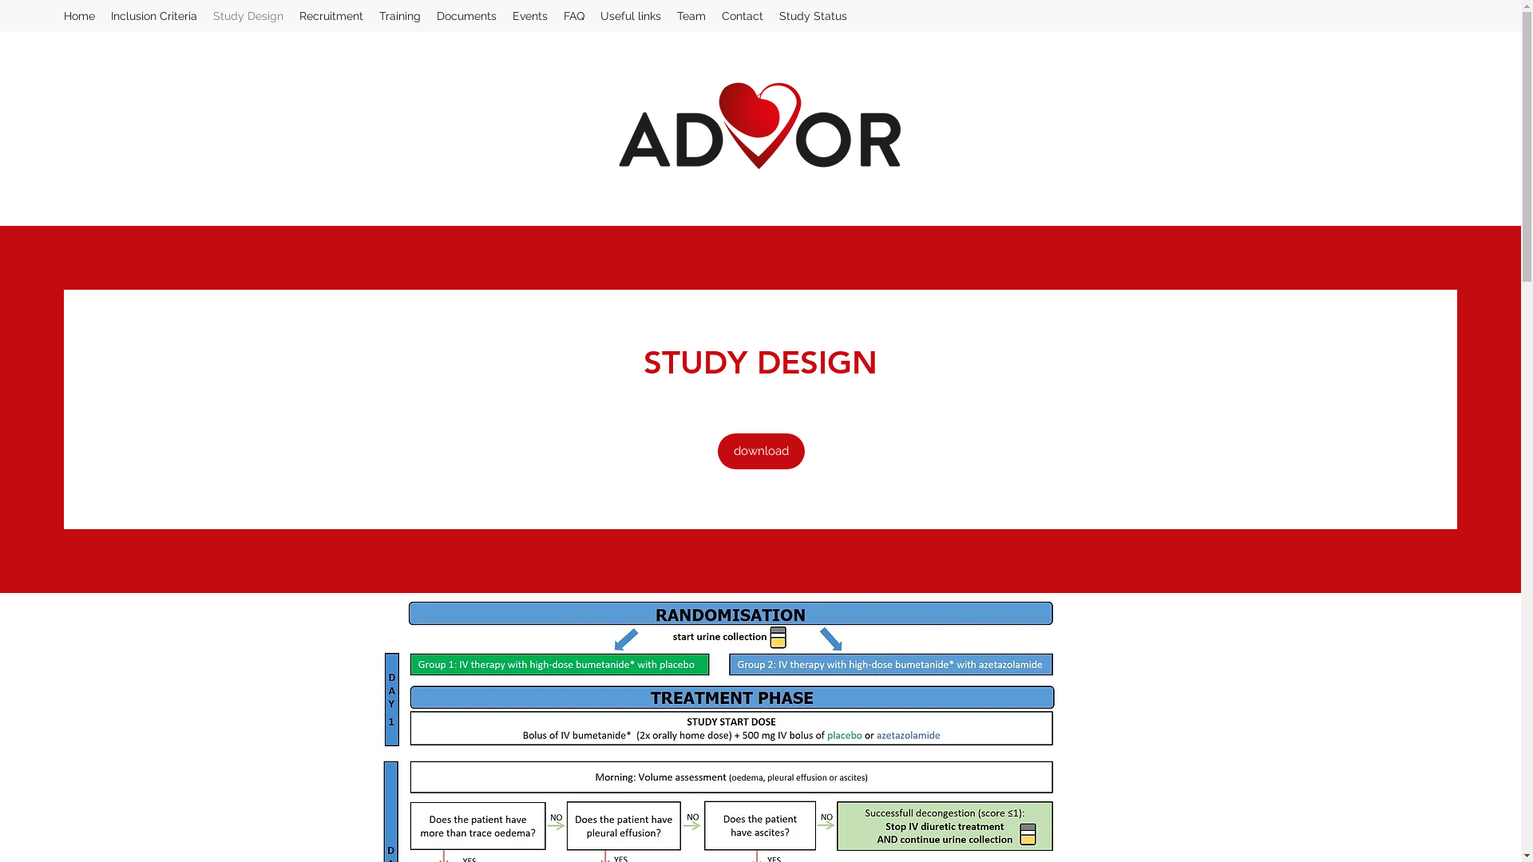 The width and height of the screenshot is (1533, 862). Describe the element at coordinates (592, 15) in the screenshot. I see `'Useful links'` at that location.